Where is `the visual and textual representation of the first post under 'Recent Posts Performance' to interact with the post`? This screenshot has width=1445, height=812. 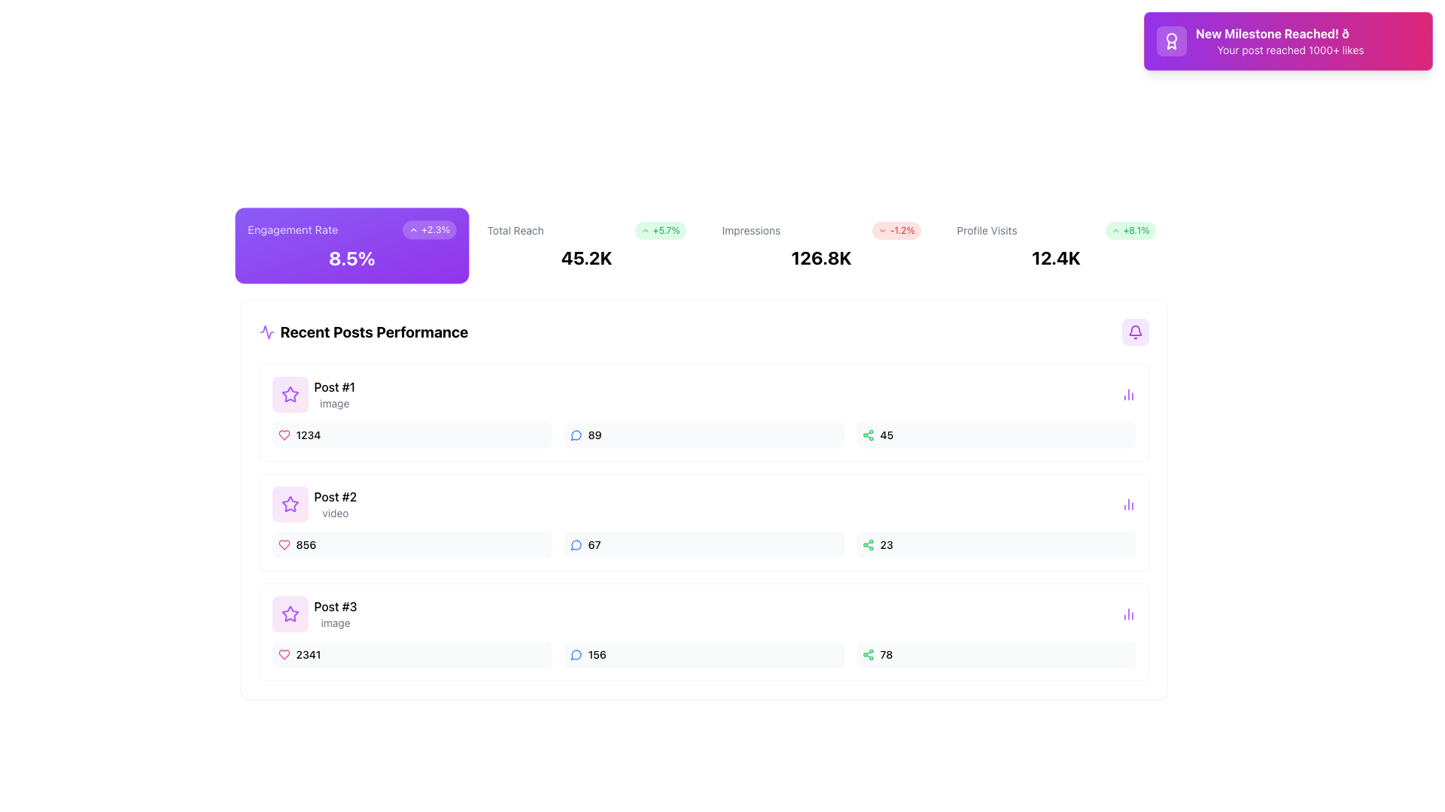 the visual and textual representation of the first post under 'Recent Posts Performance' to interact with the post is located at coordinates (312, 393).